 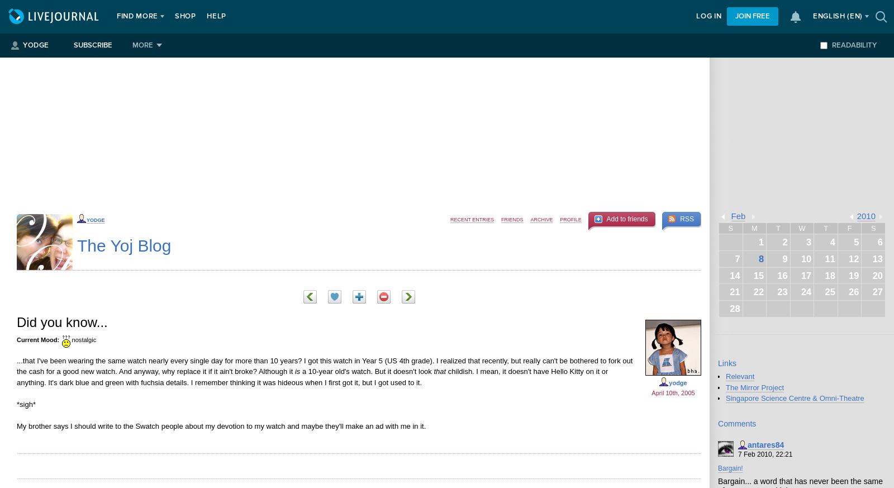 I want to click on 'Singapore Science Centre & Omni-Theatre', so click(x=795, y=397).